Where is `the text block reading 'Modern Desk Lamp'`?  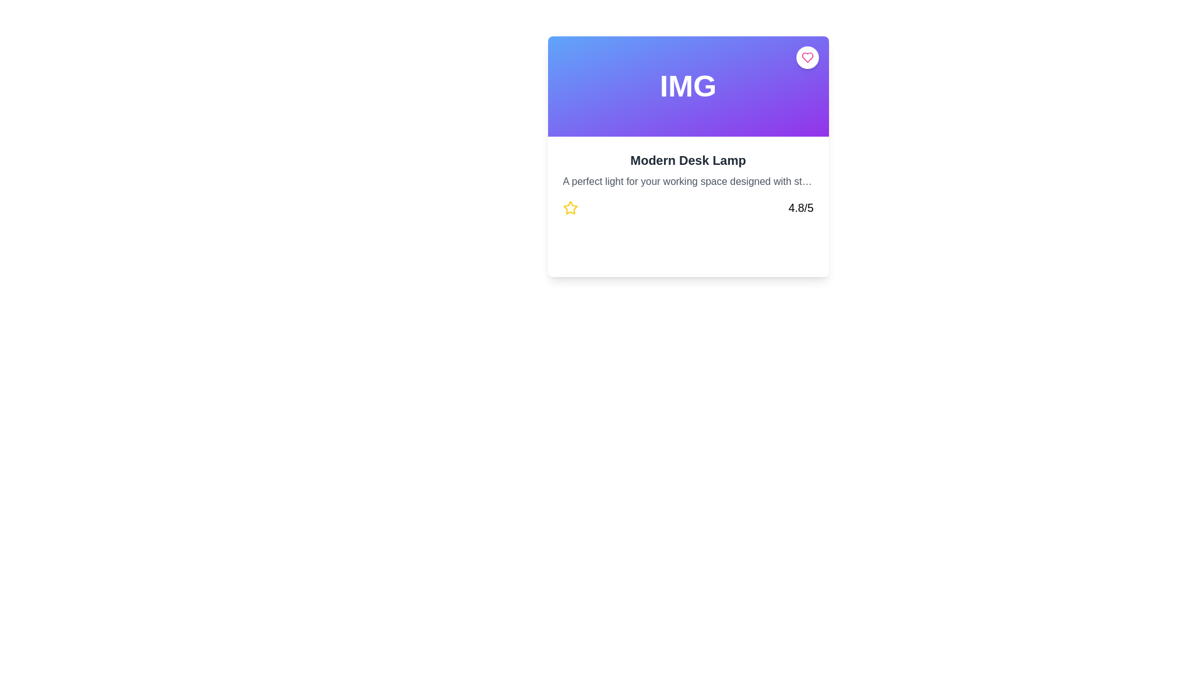
the text block reading 'Modern Desk Lamp' is located at coordinates (687, 159).